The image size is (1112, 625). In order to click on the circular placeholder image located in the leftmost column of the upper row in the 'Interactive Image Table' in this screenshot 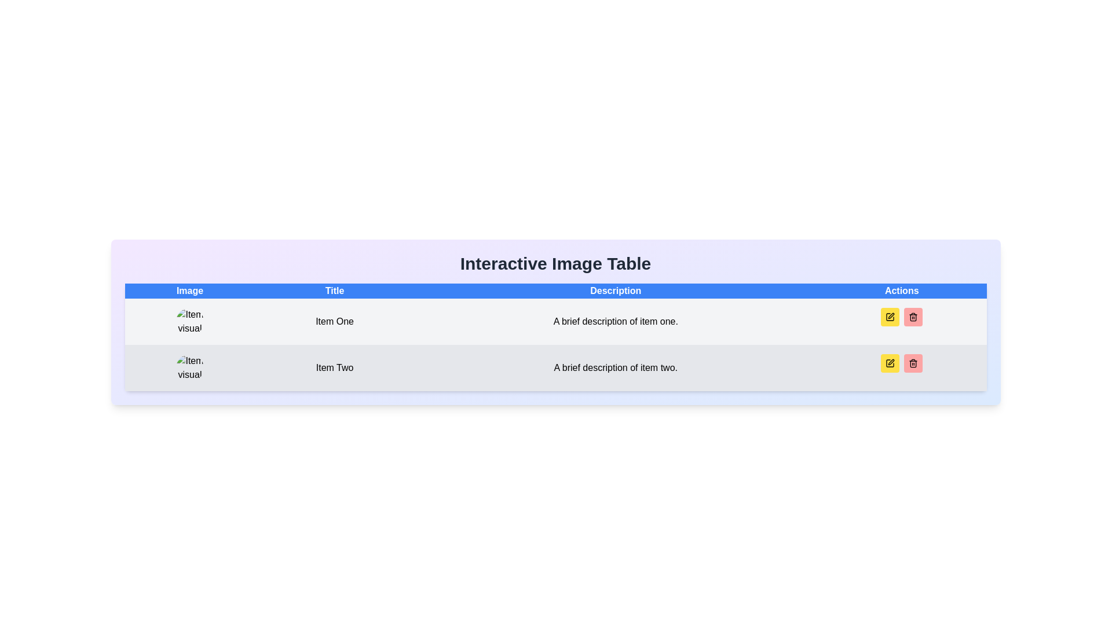, I will do `click(189, 321)`.